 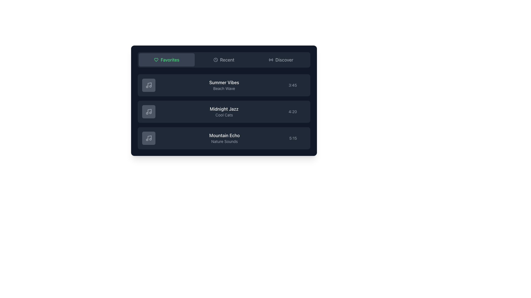 What do you see at coordinates (224, 83) in the screenshot?
I see `the 'Summer Vibes' text label` at bounding box center [224, 83].